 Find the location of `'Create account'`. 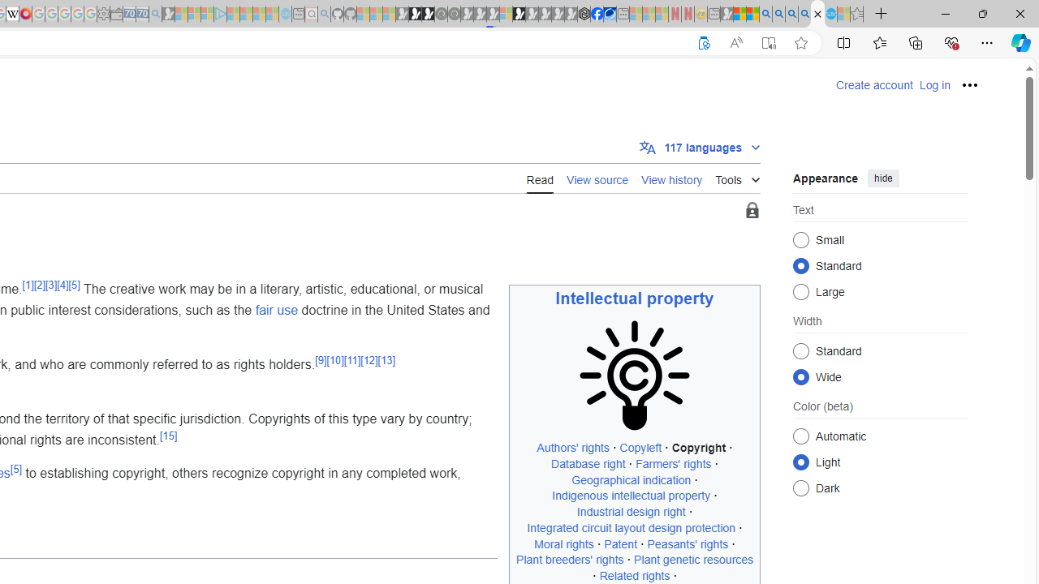

'Create account' is located at coordinates (873, 85).